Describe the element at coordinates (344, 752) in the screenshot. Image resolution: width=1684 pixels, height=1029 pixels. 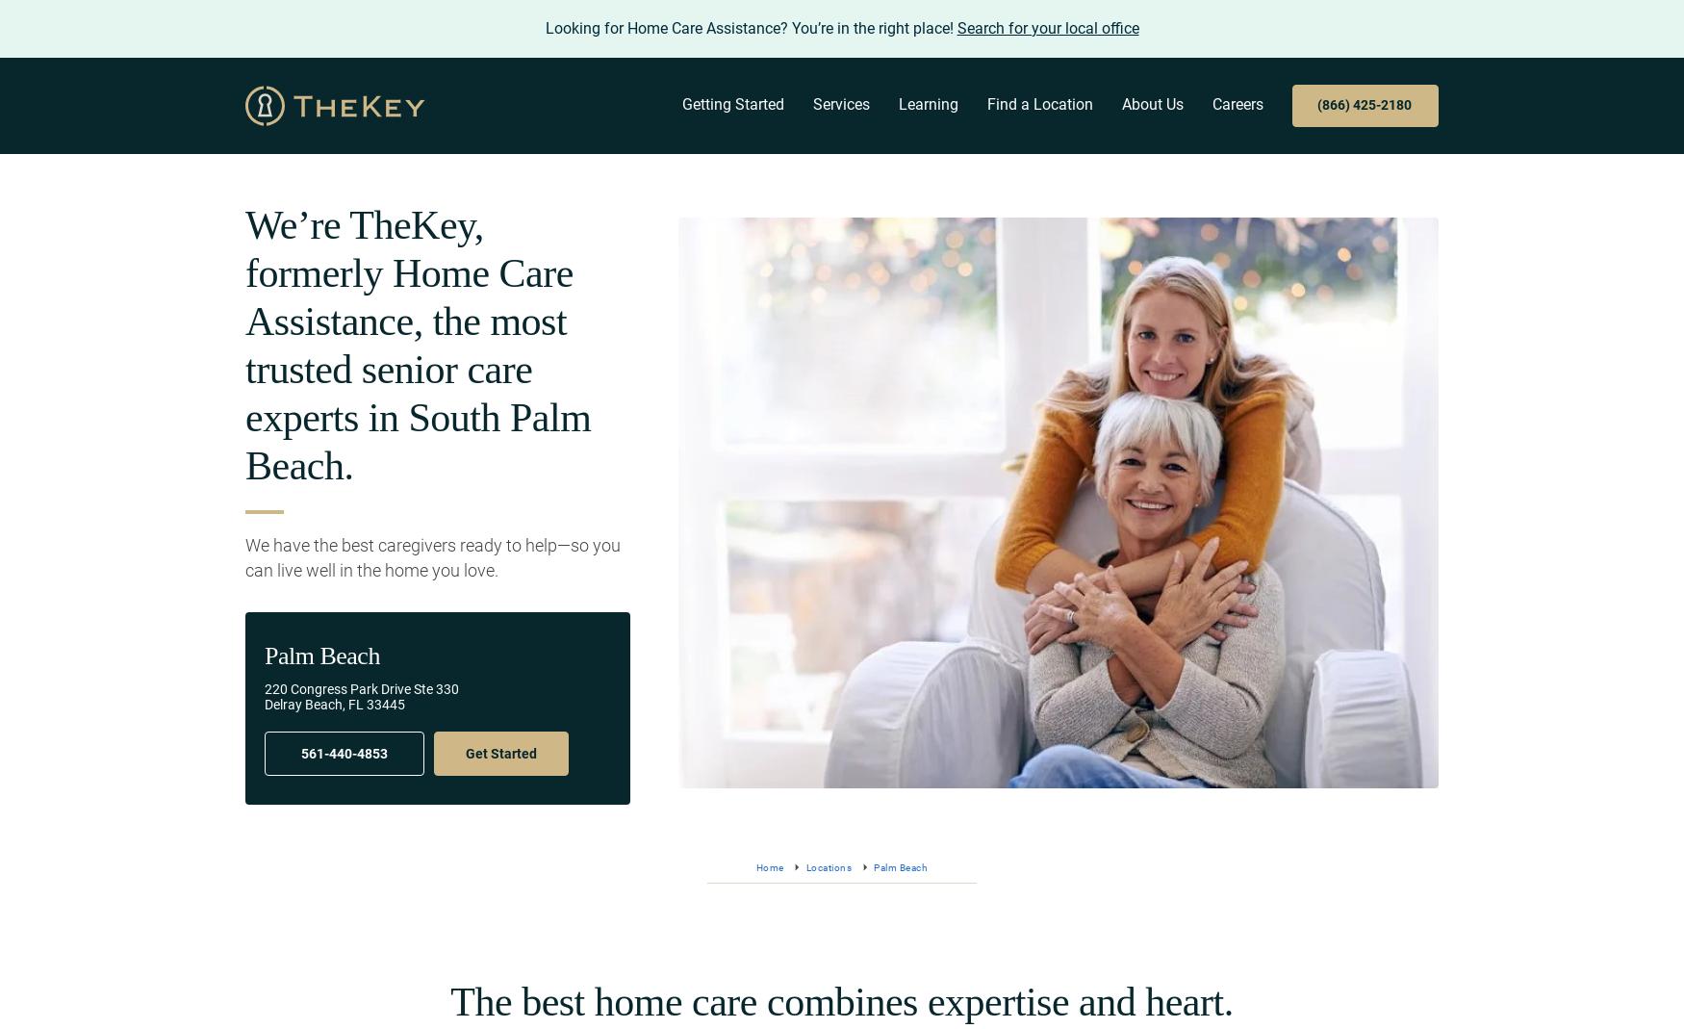
I see `'561-440-4853'` at that location.